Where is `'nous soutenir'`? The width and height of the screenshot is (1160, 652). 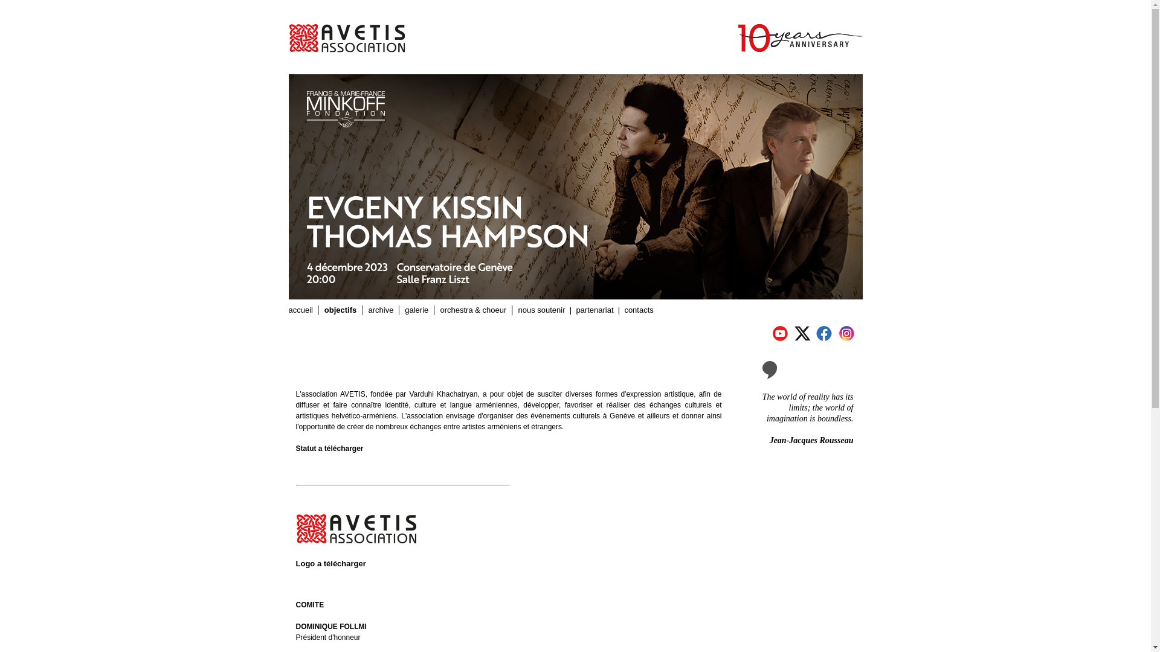 'nous soutenir' is located at coordinates (541, 309).